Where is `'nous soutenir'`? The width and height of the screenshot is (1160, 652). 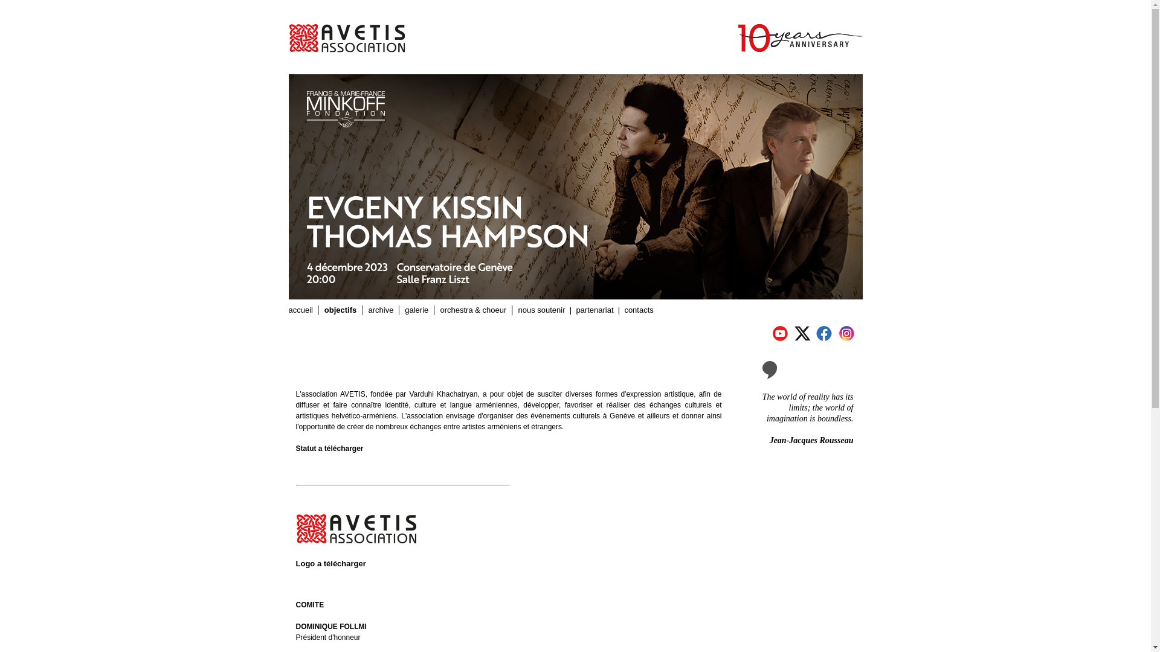 'nous soutenir' is located at coordinates (541, 309).